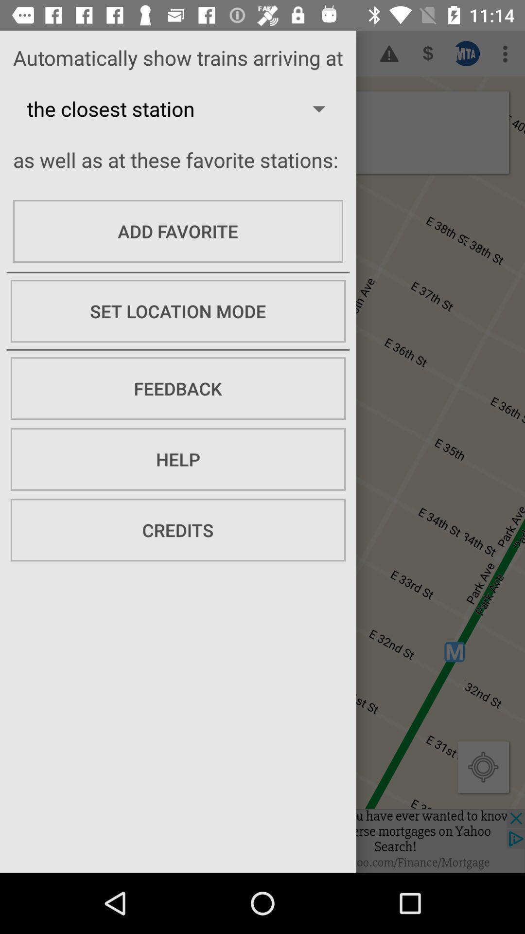  Describe the element at coordinates (466, 53) in the screenshot. I see `the sliders icon` at that location.